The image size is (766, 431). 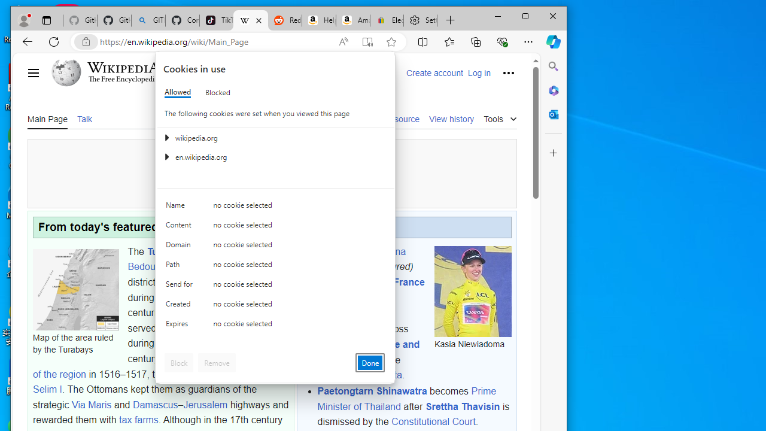 I want to click on 'Created', so click(x=180, y=306).